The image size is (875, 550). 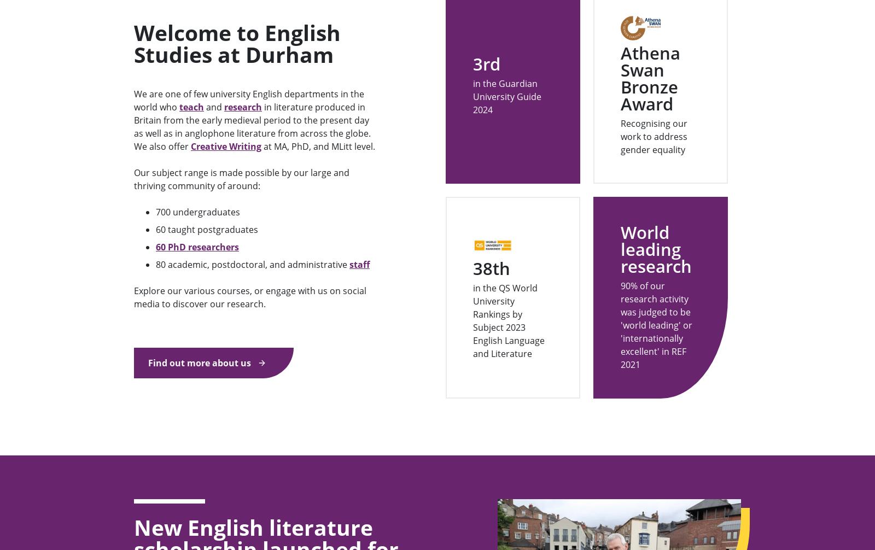 What do you see at coordinates (575, 67) in the screenshot?
I see `'DH1 3AY'` at bounding box center [575, 67].